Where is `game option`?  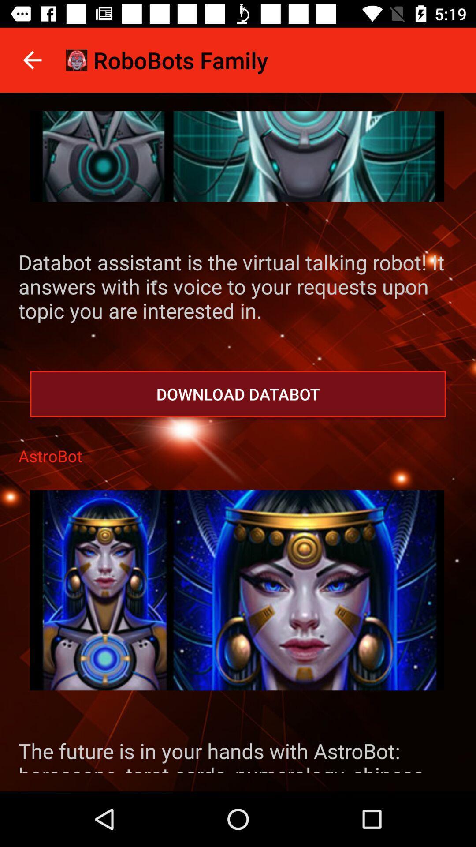
game option is located at coordinates (237, 590).